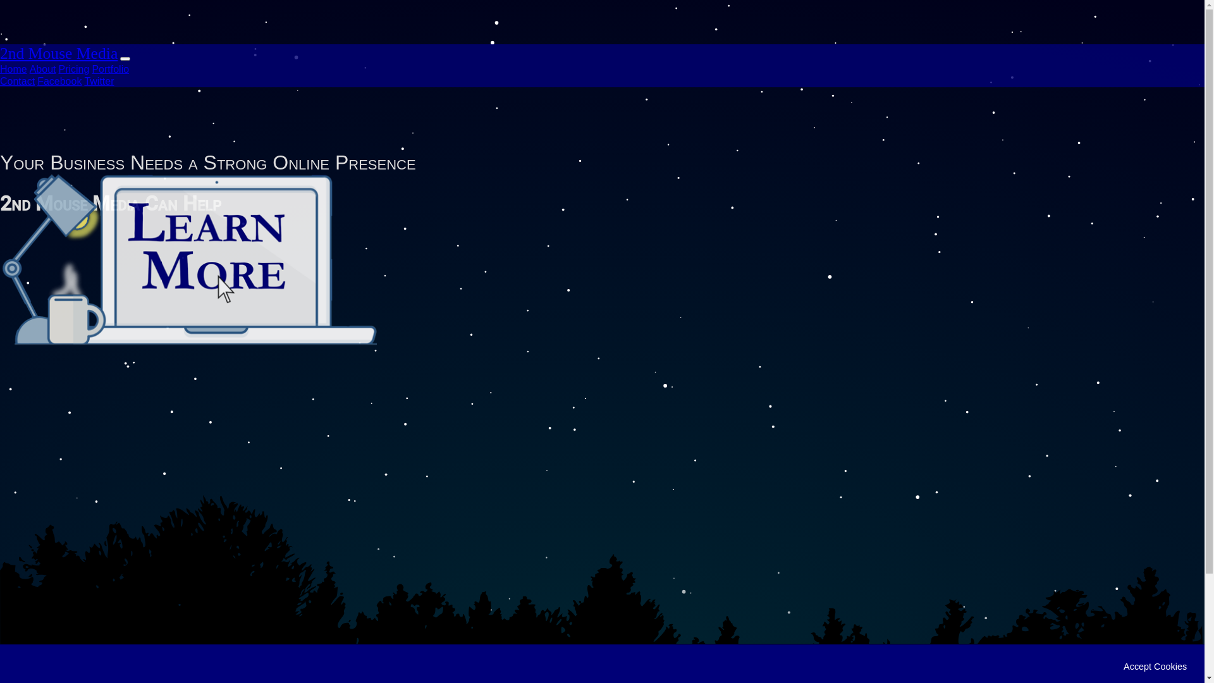  Describe the element at coordinates (59, 81) in the screenshot. I see `'Facebook'` at that location.